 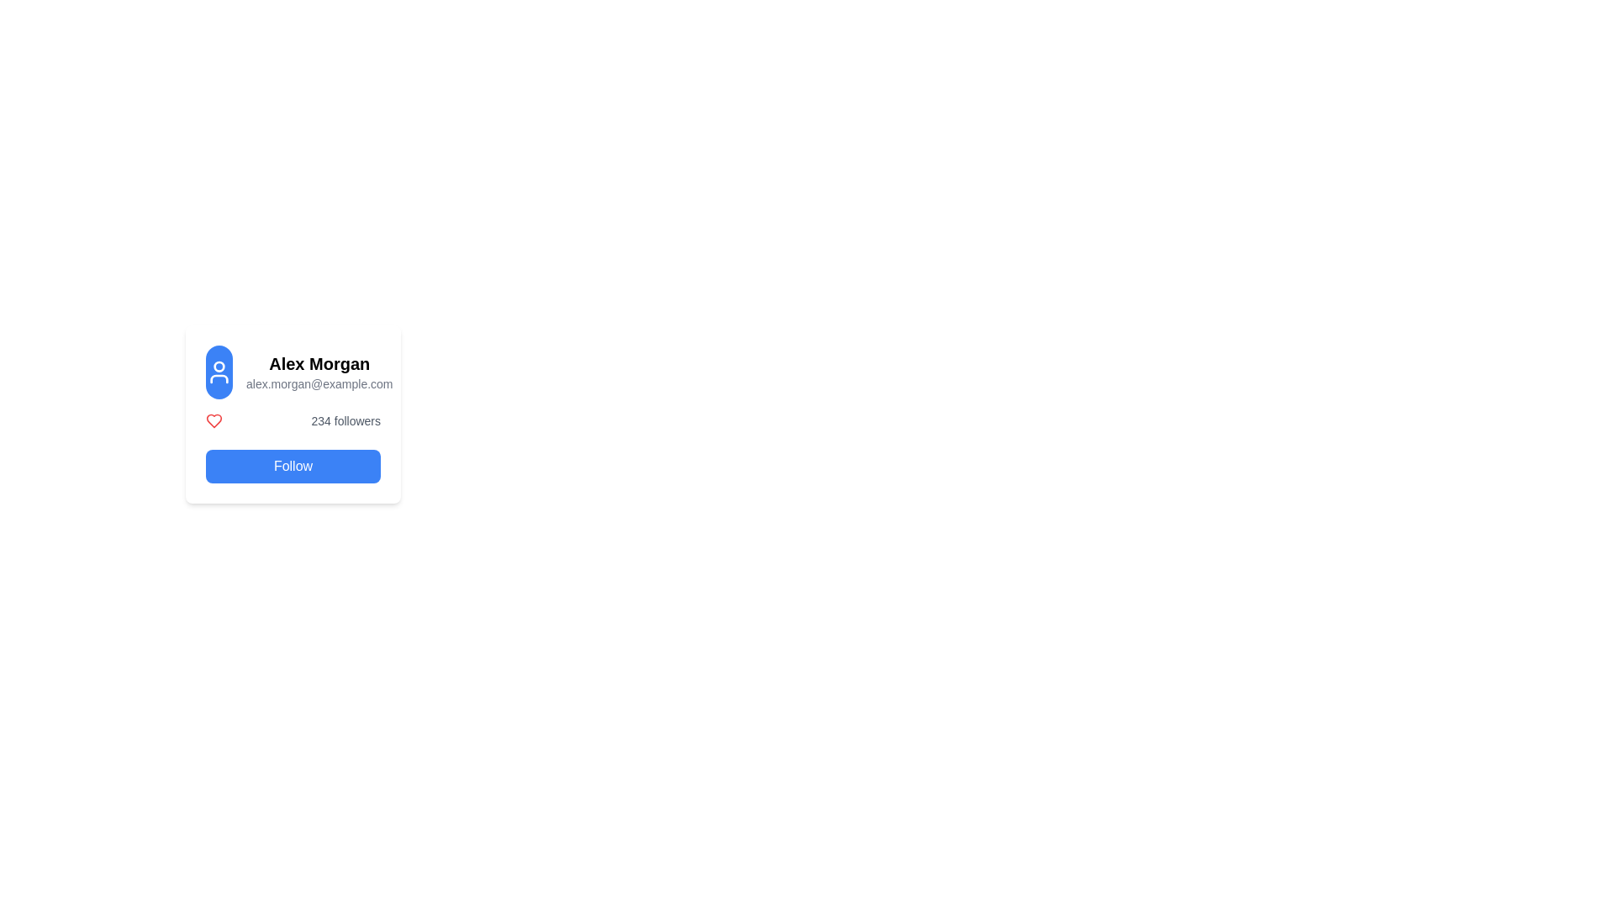 What do you see at coordinates (319, 372) in the screenshot?
I see `the text display field that shows the user's name and email address, located to the right of the person silhouette icon at the top center of the card layout` at bounding box center [319, 372].